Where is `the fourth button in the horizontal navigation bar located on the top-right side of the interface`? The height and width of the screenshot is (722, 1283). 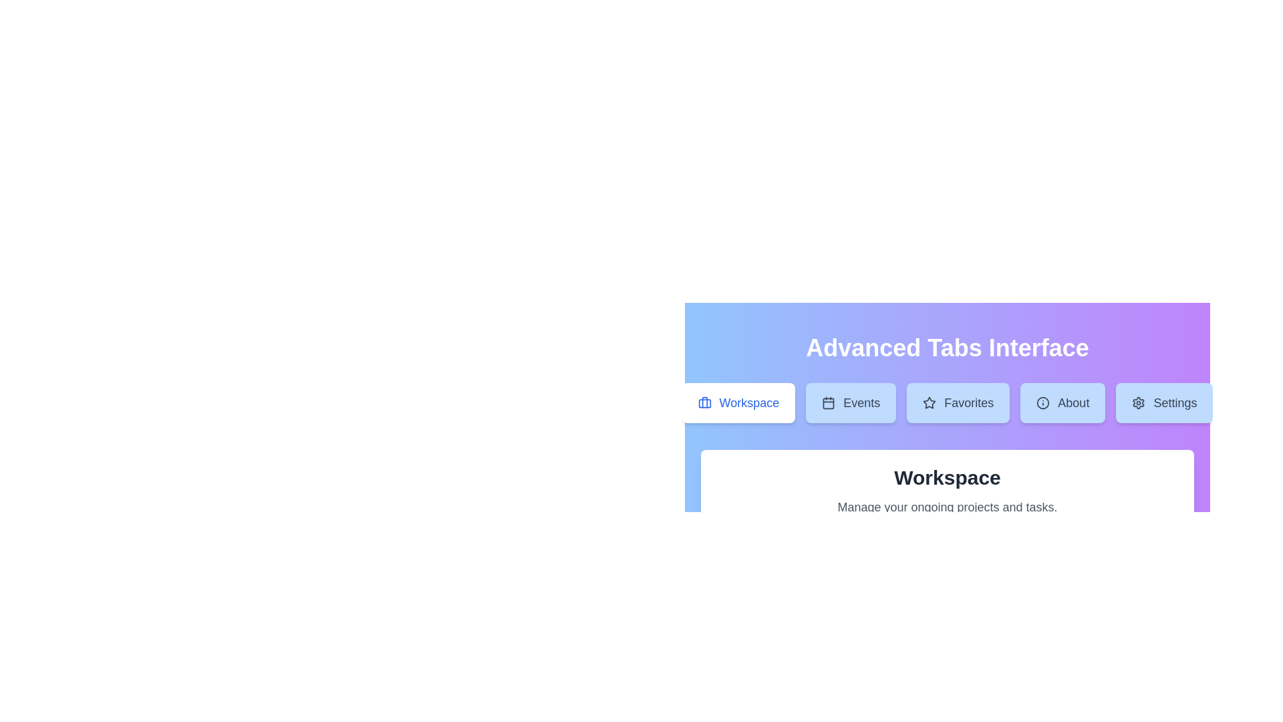 the fourth button in the horizontal navigation bar located on the top-right side of the interface is located at coordinates (1062, 402).